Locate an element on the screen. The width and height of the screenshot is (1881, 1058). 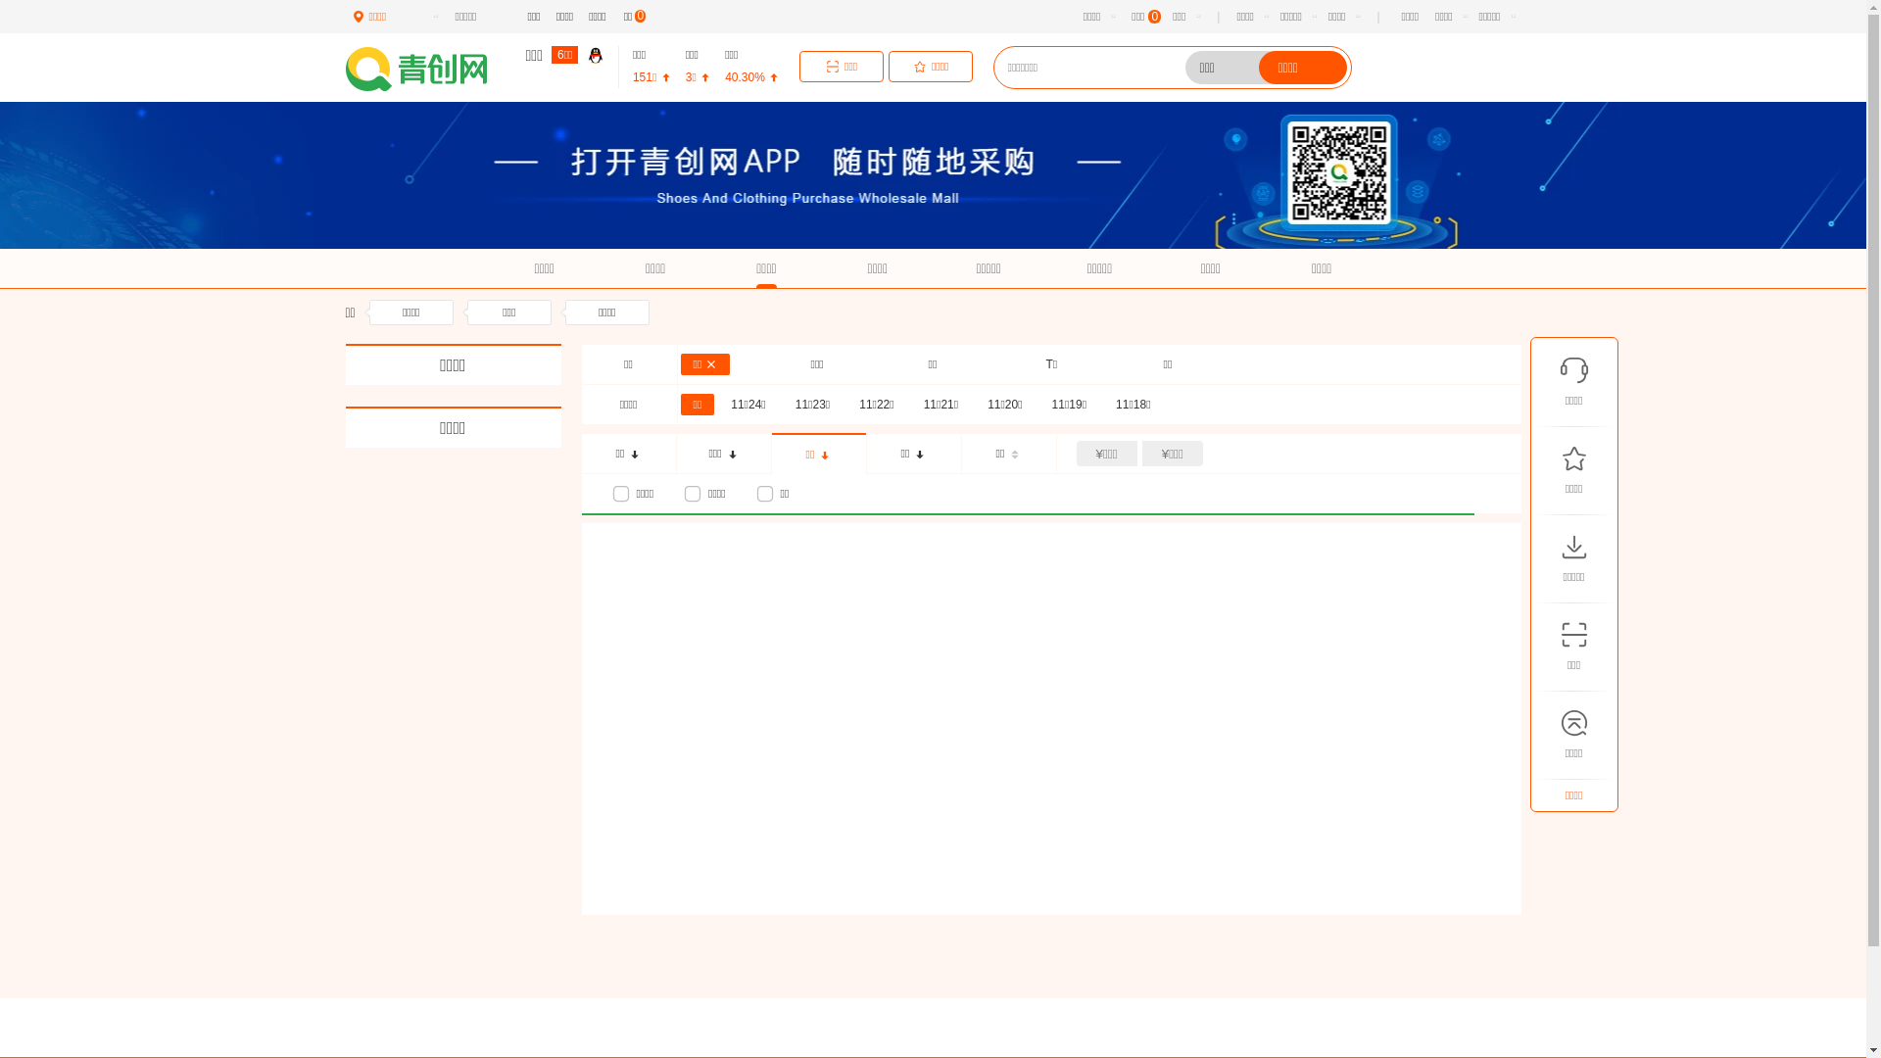
'17qcc' is located at coordinates (427, 68).